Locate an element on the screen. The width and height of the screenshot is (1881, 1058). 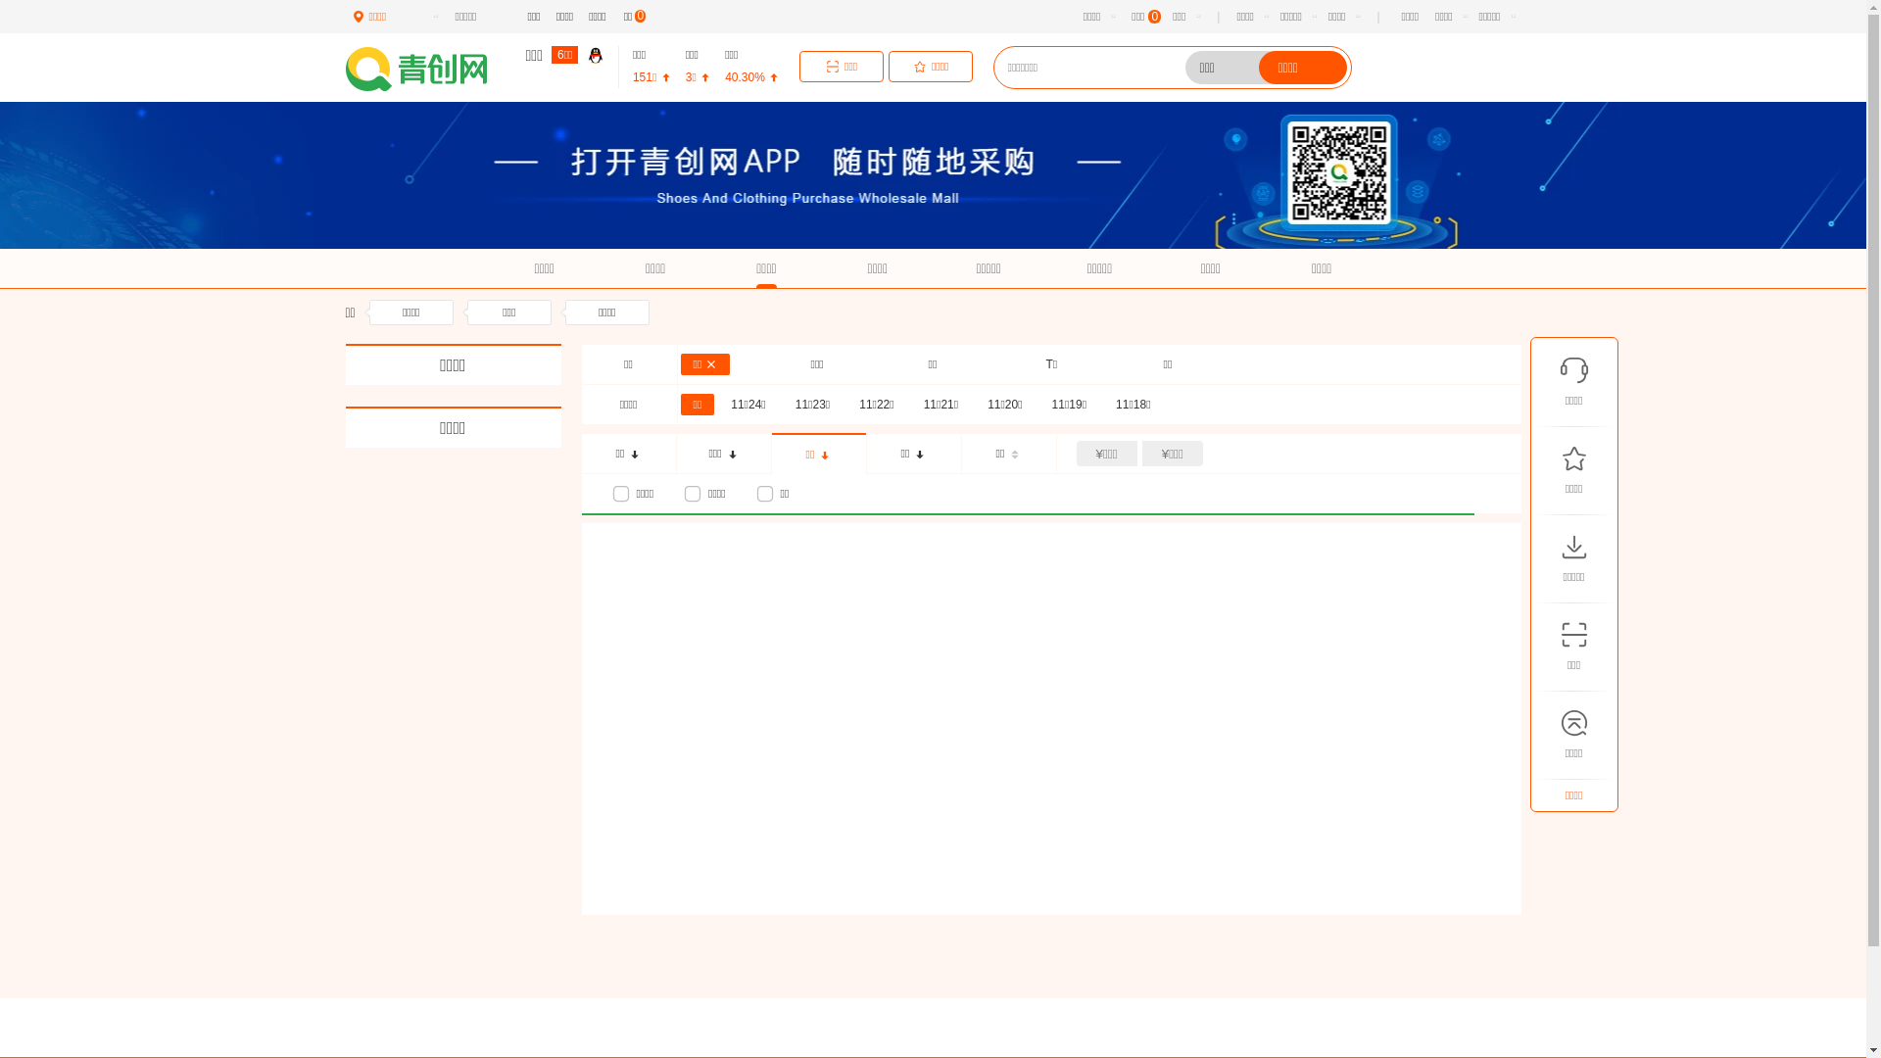
'17qcc' is located at coordinates (427, 68).